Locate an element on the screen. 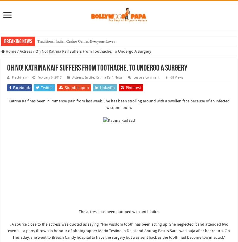 Image resolution: width=238 pixels, height=242 pixels. 'Katrina Kaif has been in immense pain from last week. She has been strolling around with a swollen face because of an infected wisdom tooth.' is located at coordinates (118, 104).